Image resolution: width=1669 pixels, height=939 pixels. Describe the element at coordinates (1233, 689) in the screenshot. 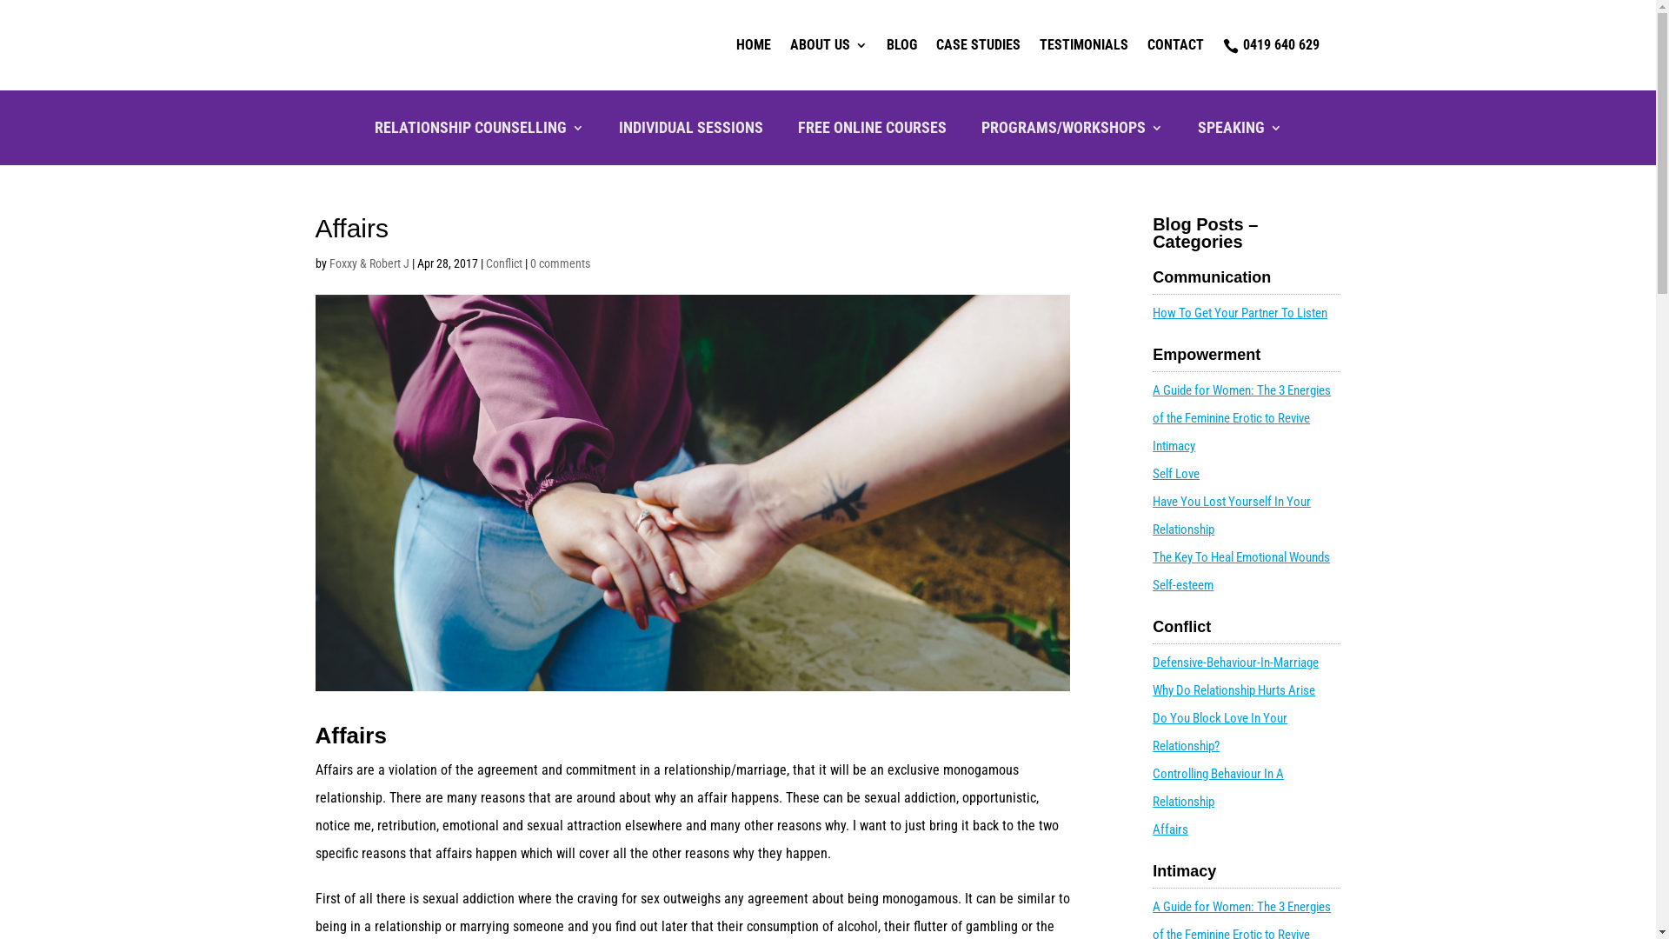

I see `'Why Do Relationship Hurts Arise'` at that location.